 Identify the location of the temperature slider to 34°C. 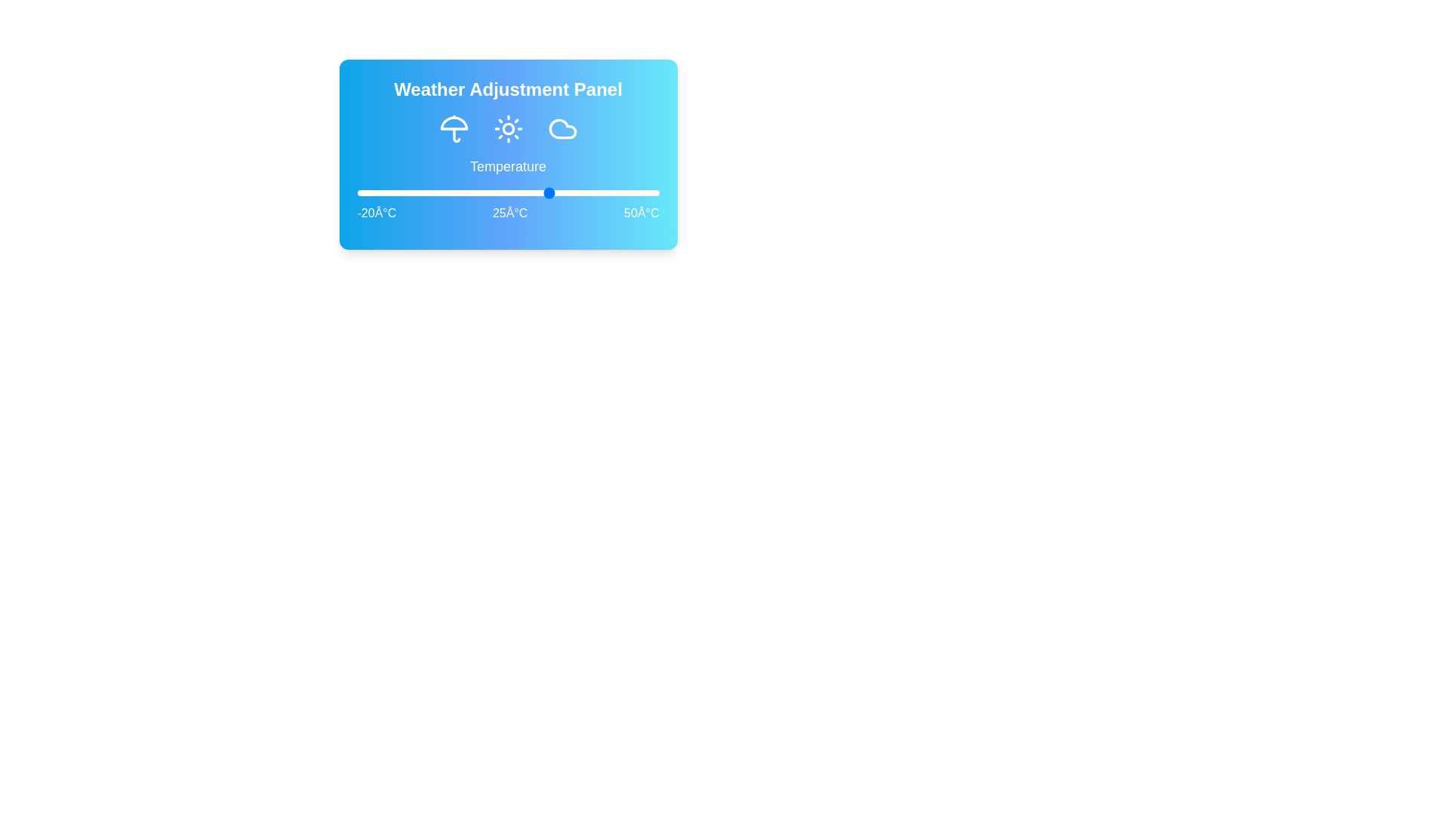
(589, 192).